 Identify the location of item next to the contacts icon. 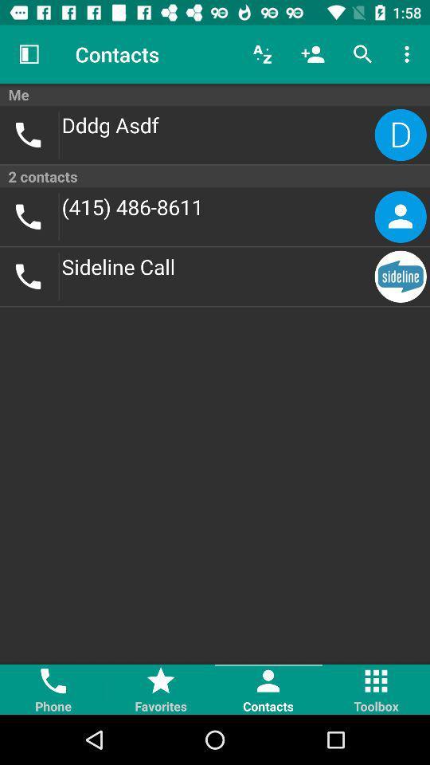
(29, 54).